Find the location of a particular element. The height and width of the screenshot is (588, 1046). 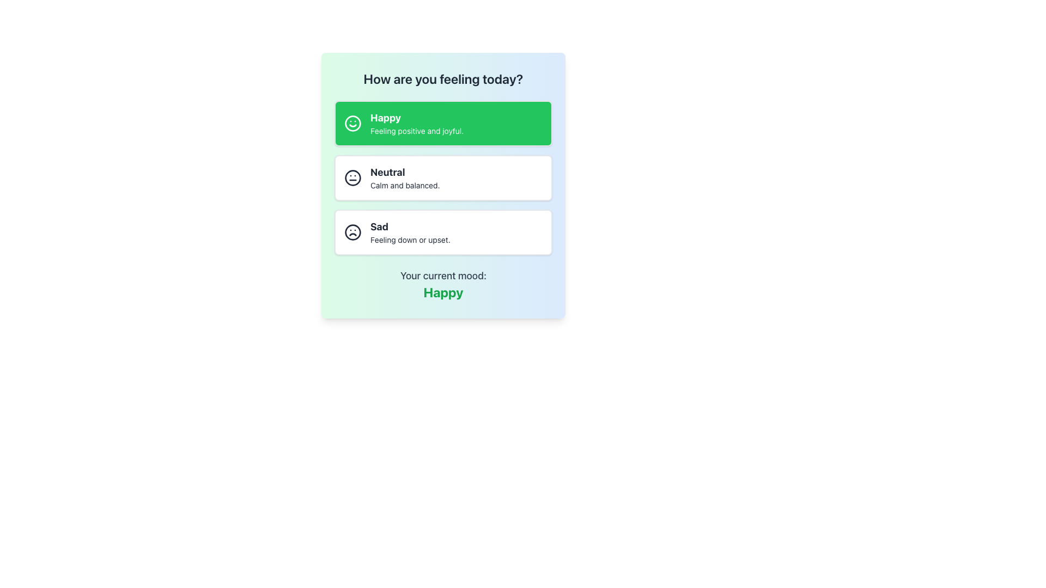

the Circle graphical element representing the 'Neutral' mood indication icon, located near the center of the second button labeled 'Neutral' is located at coordinates (353, 177).